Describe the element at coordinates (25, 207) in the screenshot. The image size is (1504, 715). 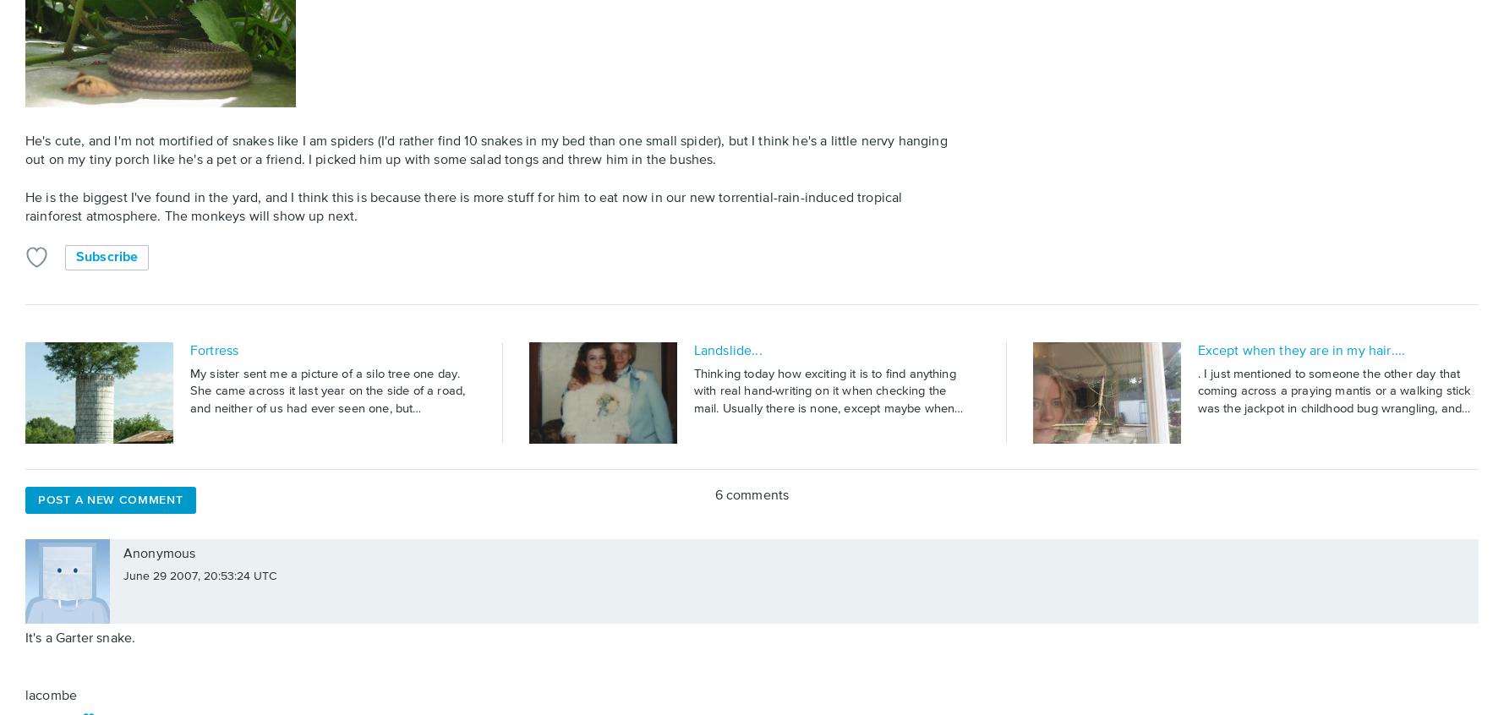
I see `'He is the biggest I've found in the yard, and I think this is because there is more stuff for him to eat now in our new torrential-rain-induced tropical rainforest atmosphere. The monkeys will show up next.'` at that location.